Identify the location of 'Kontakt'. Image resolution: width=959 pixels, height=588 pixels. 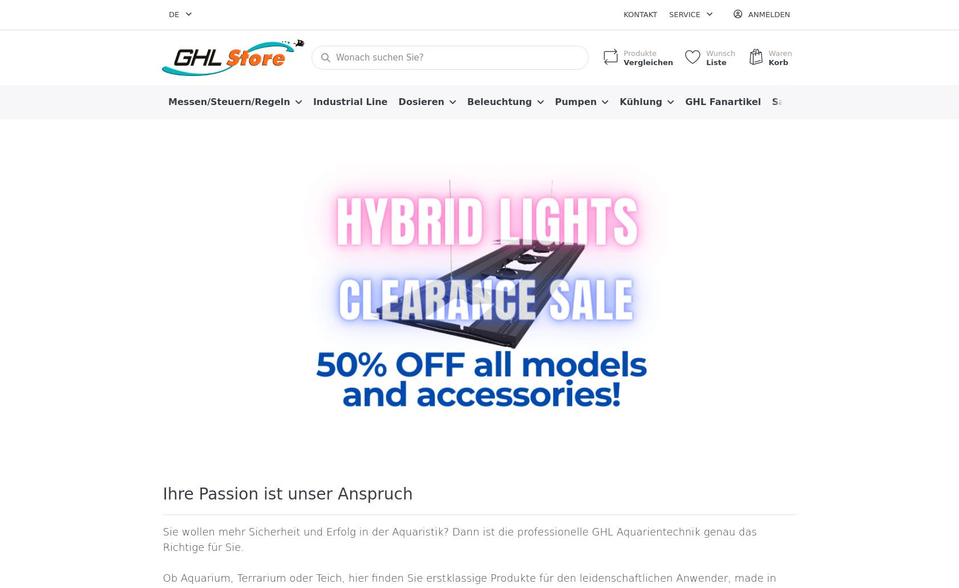
(623, 14).